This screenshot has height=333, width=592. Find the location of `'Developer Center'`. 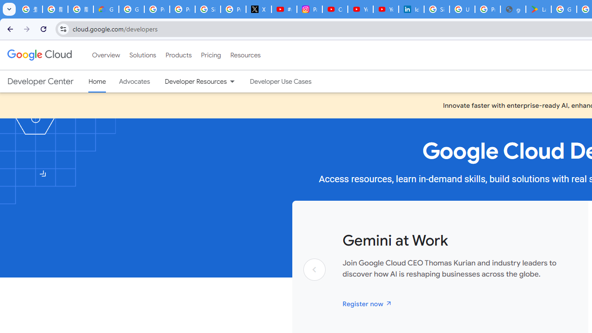

'Developer Center' is located at coordinates (40, 81).